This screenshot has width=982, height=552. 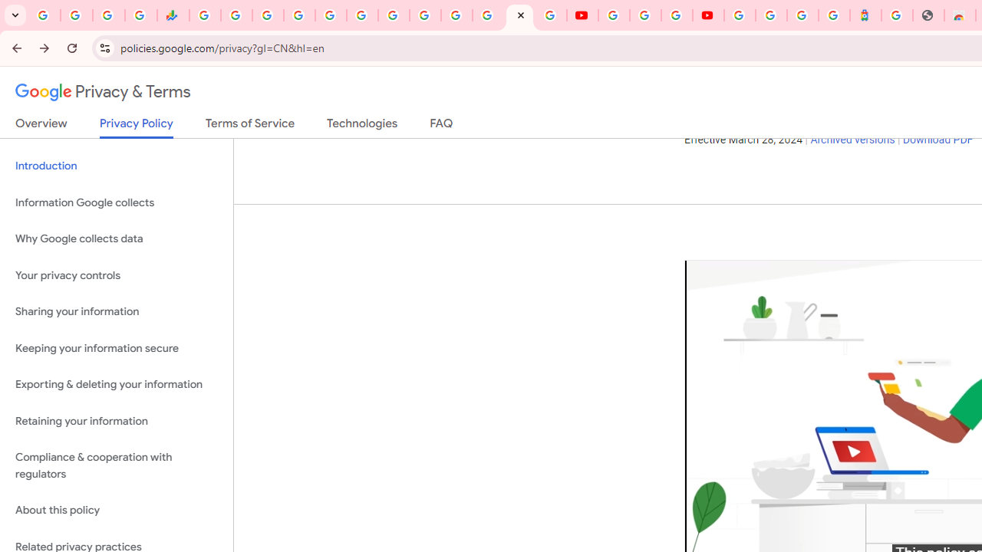 What do you see at coordinates (675, 15) in the screenshot?
I see `'Create your Google Account'` at bounding box center [675, 15].